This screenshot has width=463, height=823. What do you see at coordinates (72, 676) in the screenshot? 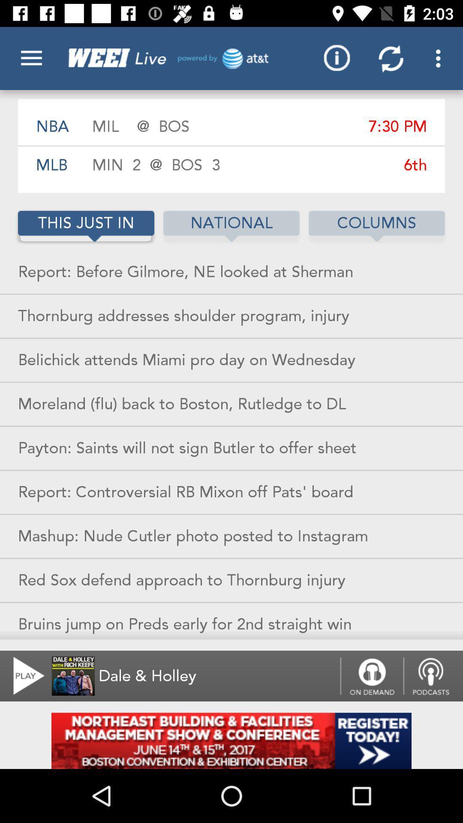
I see `the image right next to play` at bounding box center [72, 676].